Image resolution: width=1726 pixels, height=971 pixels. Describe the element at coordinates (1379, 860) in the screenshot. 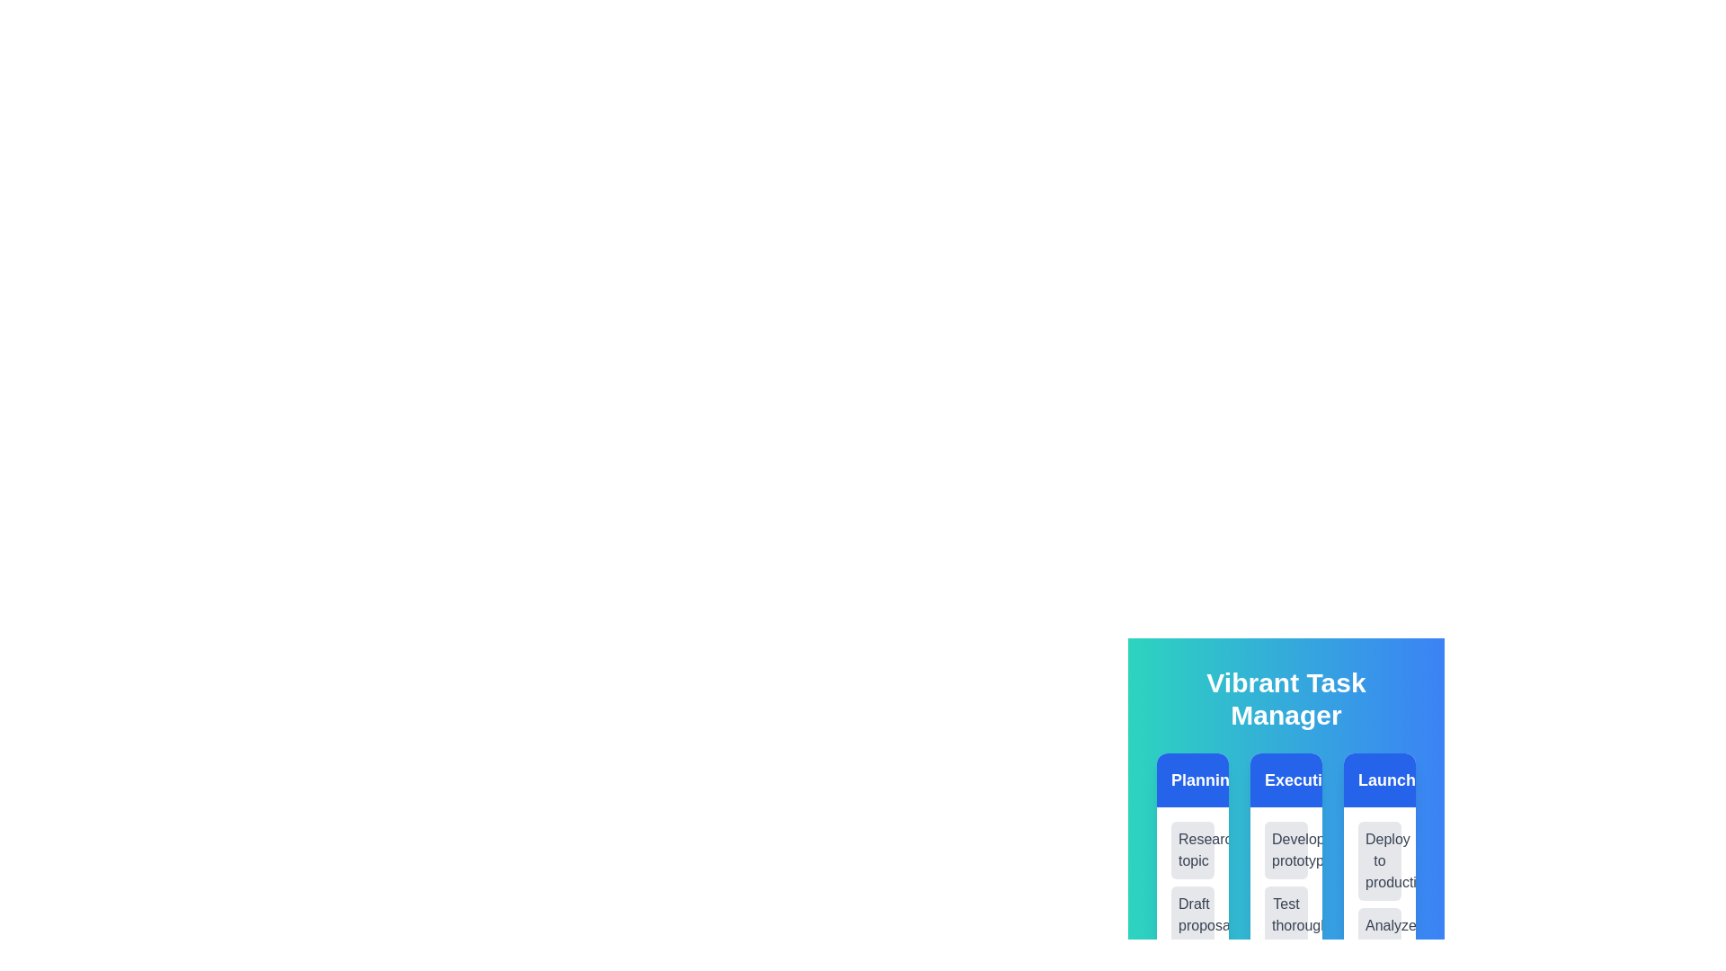

I see `the label with the text 'Deploy to production' that has a light gray background and is positioned under the 'Launch' section` at that location.